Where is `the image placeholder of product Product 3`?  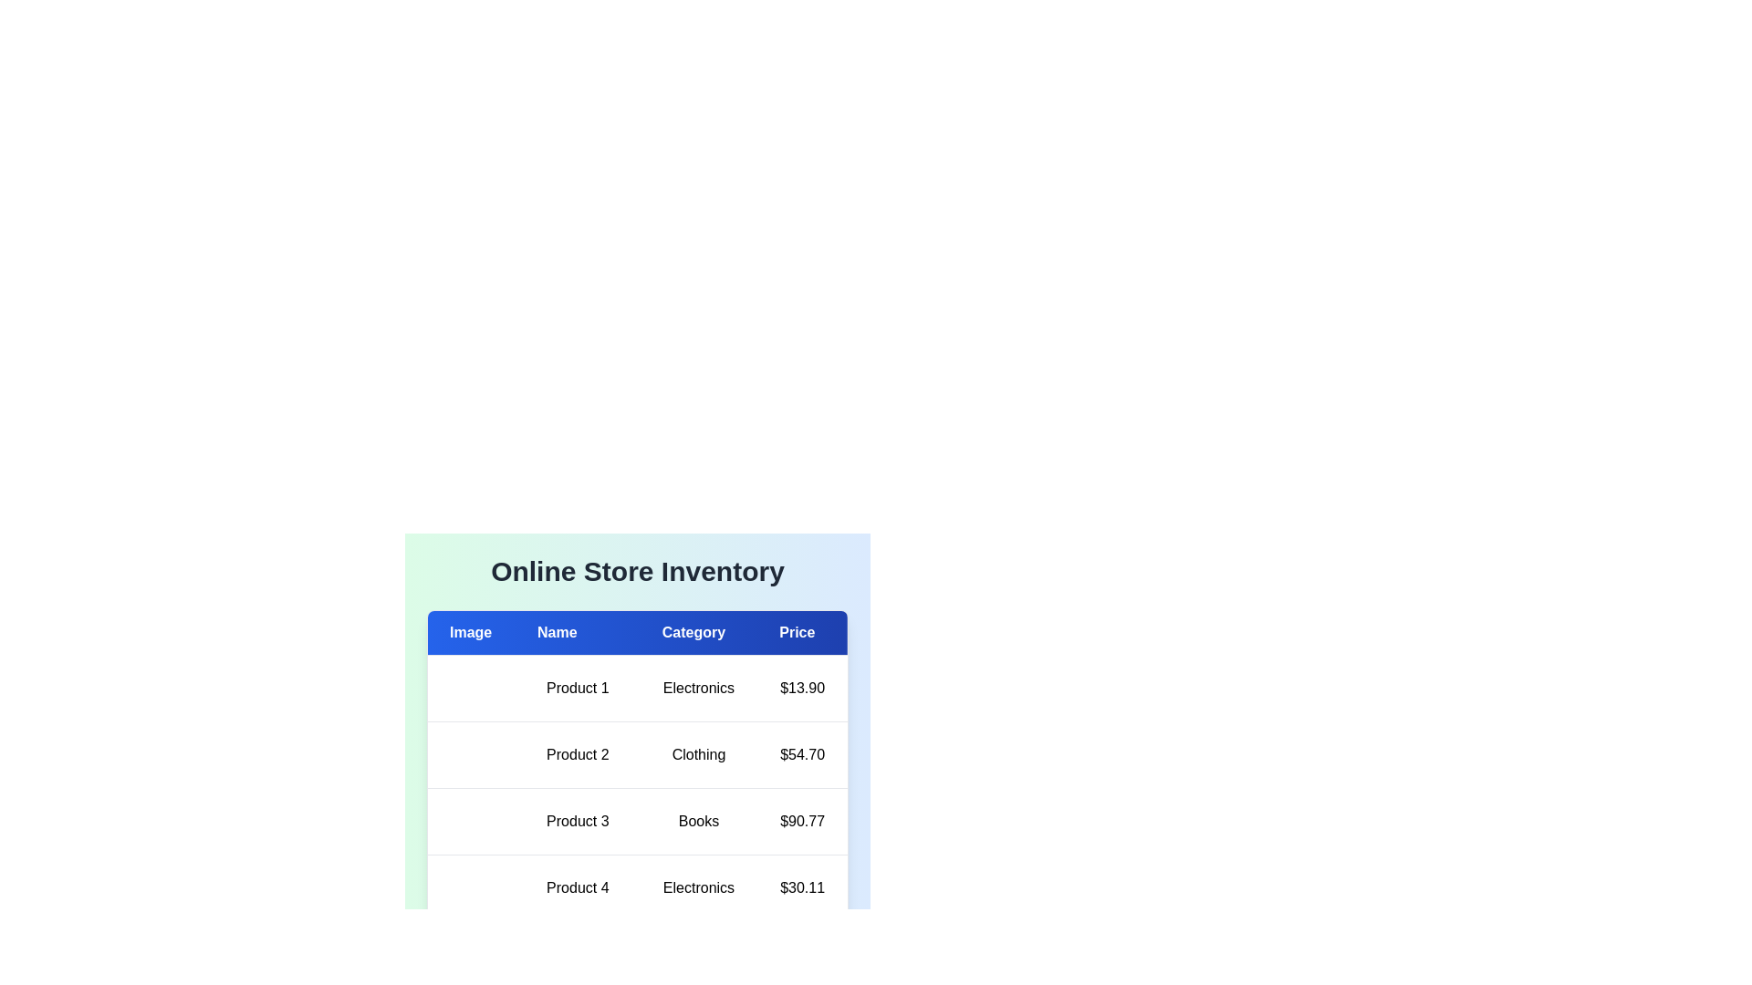
the image placeholder of product Product 3 is located at coordinates (450, 822).